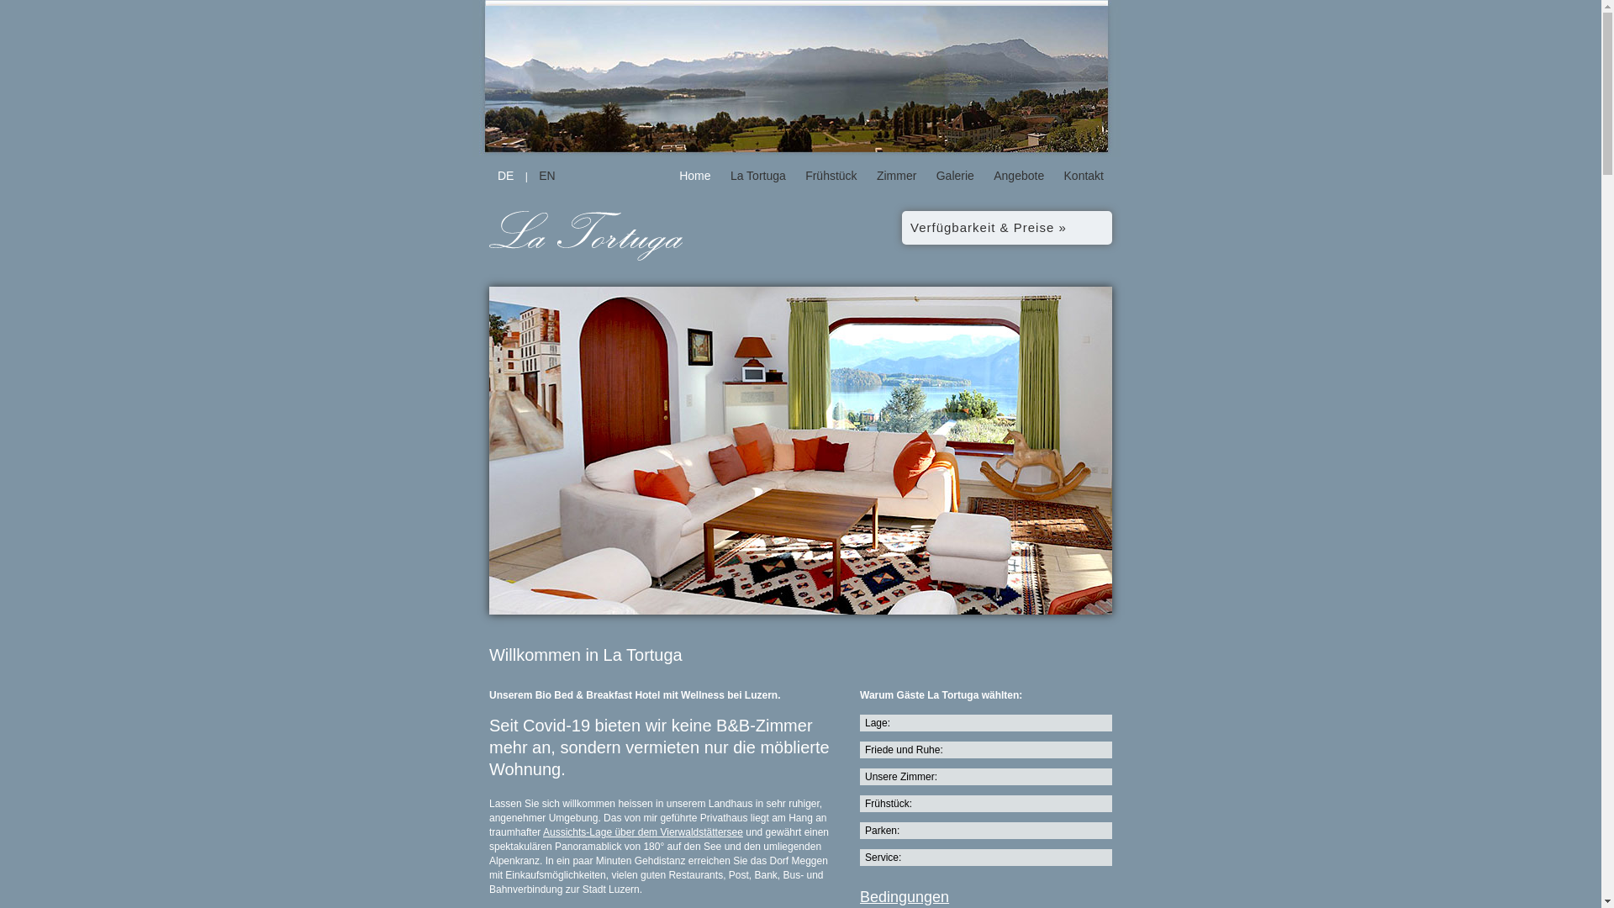 This screenshot has width=1614, height=908. What do you see at coordinates (1084, 175) in the screenshot?
I see `'Kontakt'` at bounding box center [1084, 175].